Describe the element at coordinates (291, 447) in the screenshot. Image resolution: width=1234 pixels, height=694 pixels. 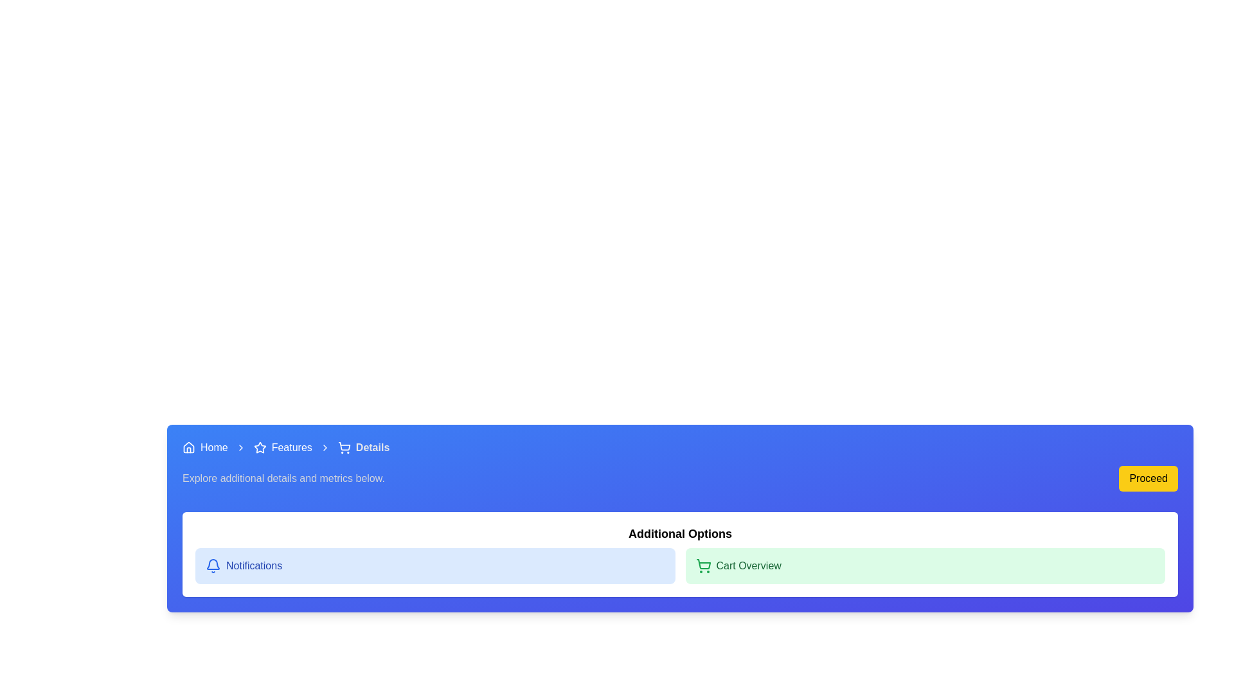
I see `the hyperlink text` at that location.